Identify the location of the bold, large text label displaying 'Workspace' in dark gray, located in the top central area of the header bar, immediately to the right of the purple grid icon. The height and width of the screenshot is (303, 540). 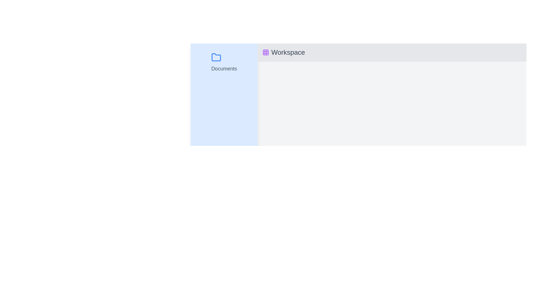
(288, 52).